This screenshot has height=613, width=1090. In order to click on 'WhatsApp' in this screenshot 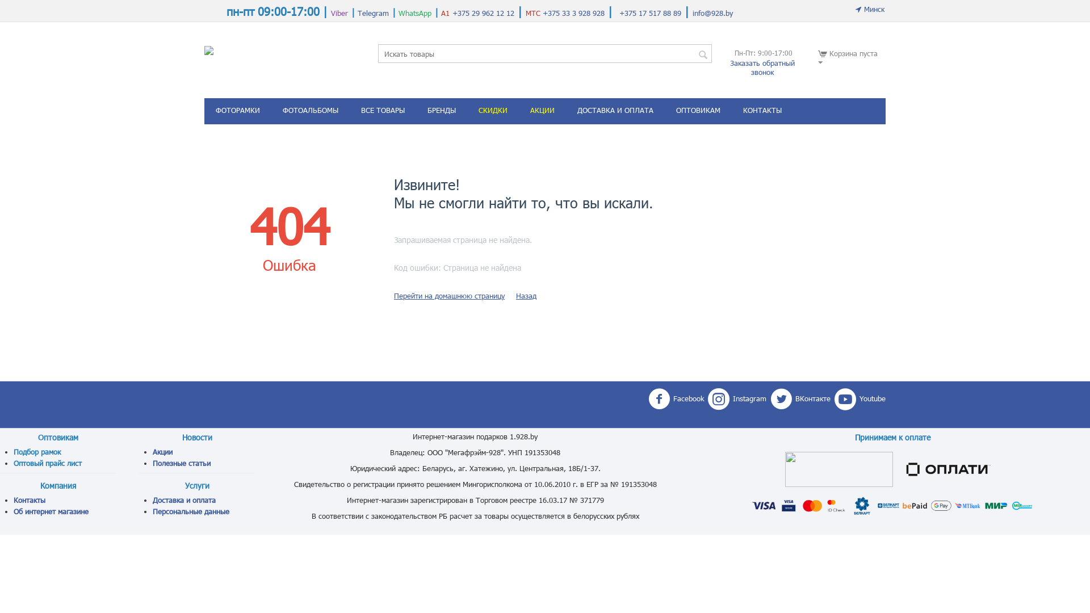, I will do `click(398, 13)`.